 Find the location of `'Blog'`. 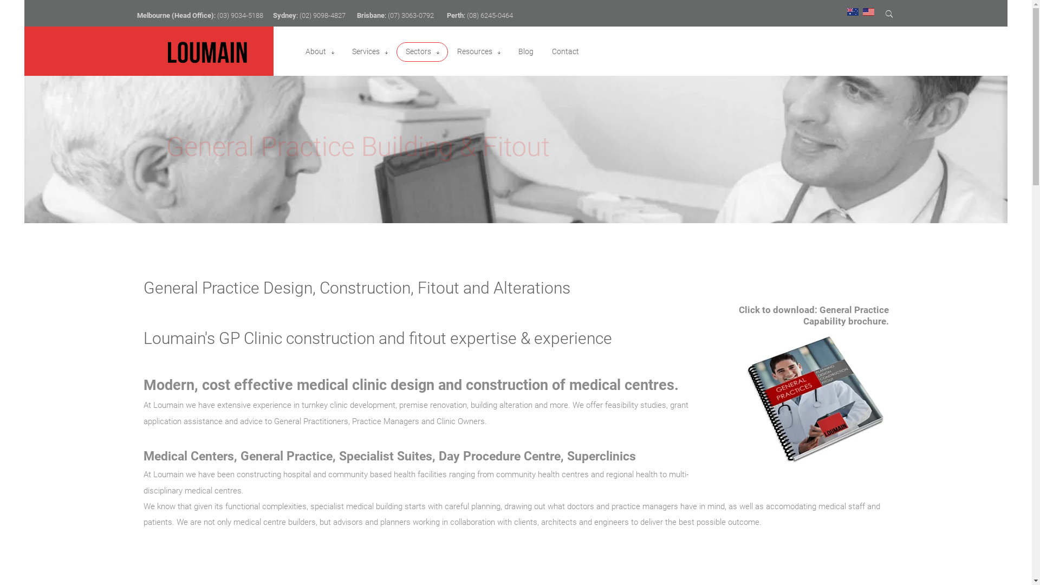

'Blog' is located at coordinates (525, 51).